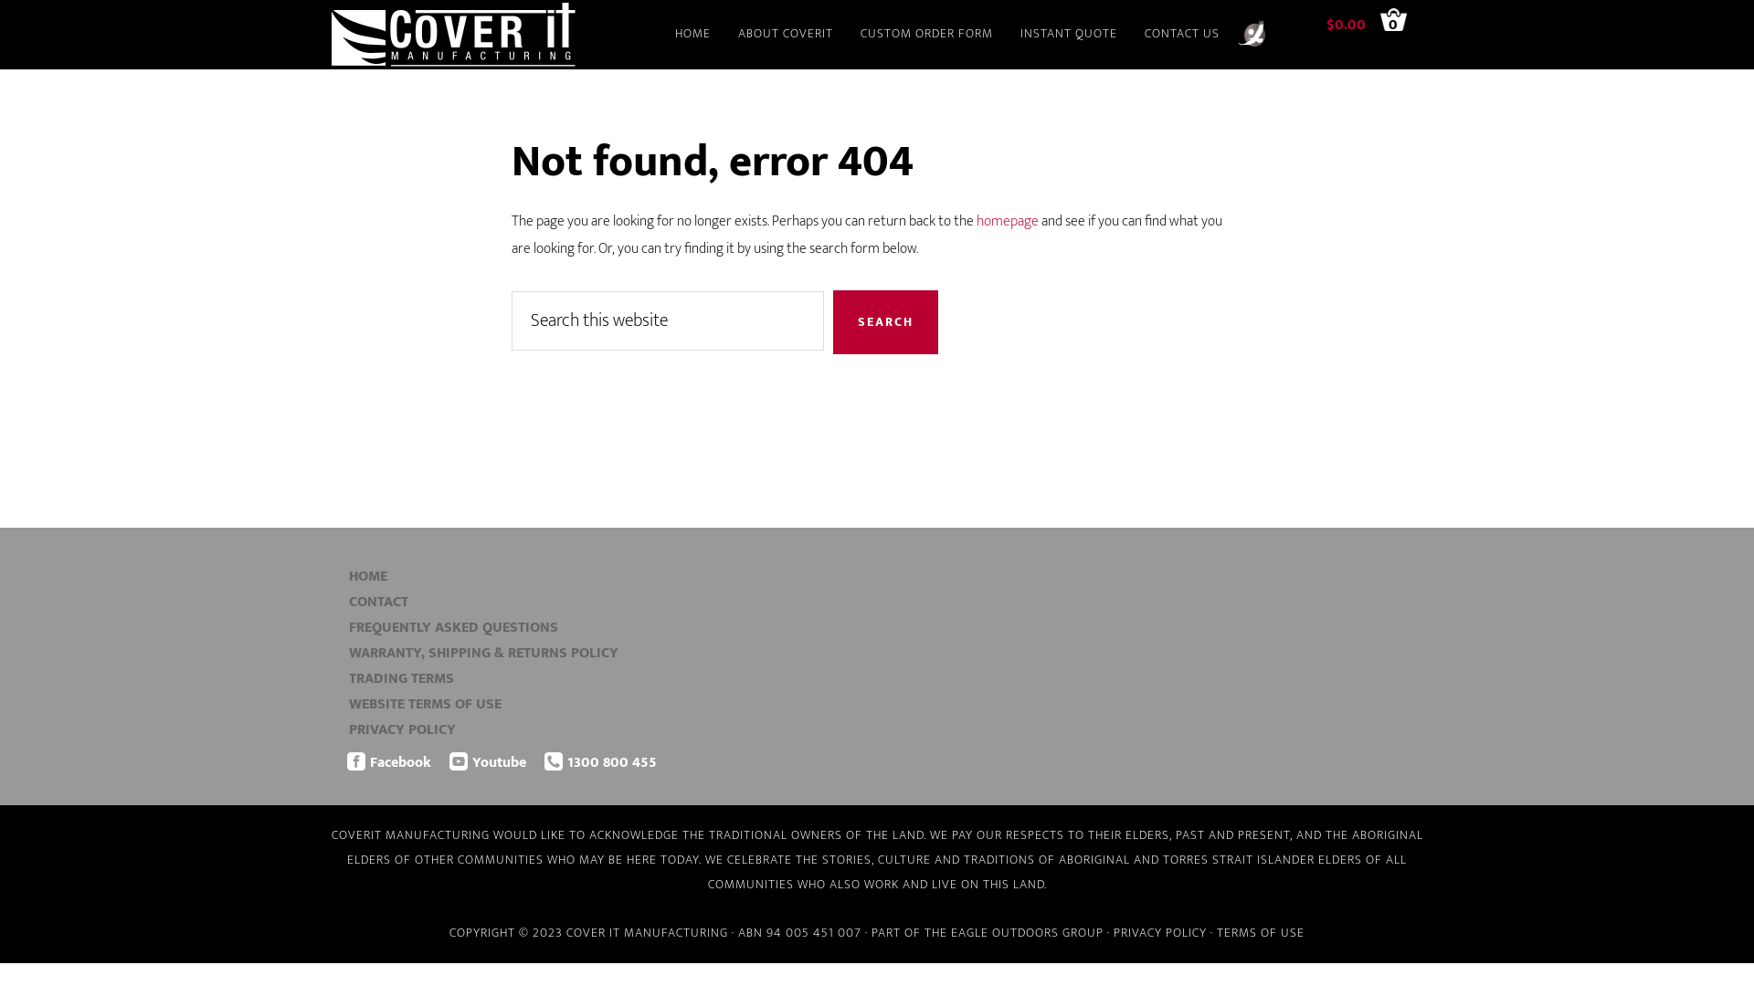 Image resolution: width=1754 pixels, height=986 pixels. Describe the element at coordinates (1353, 25) in the screenshot. I see `'$0.00'` at that location.